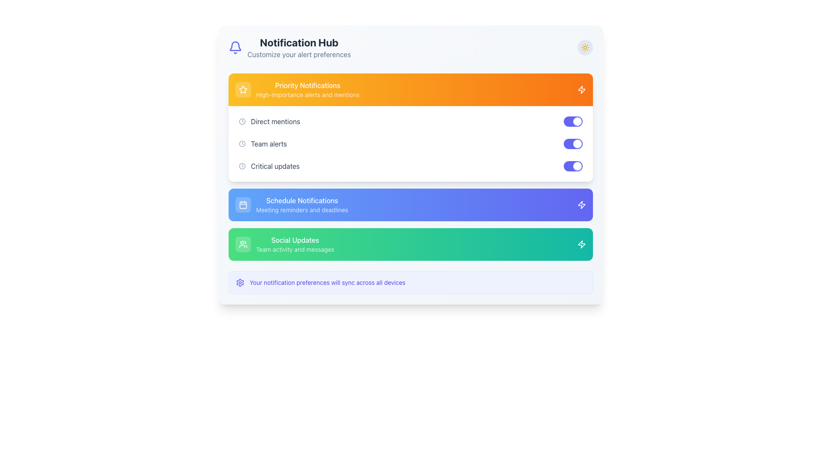  Describe the element at coordinates (327, 283) in the screenshot. I see `the static text that provides information about the synchronization of notification preferences, located to the right of a spinning gear icon, horizontally centered with it` at that location.